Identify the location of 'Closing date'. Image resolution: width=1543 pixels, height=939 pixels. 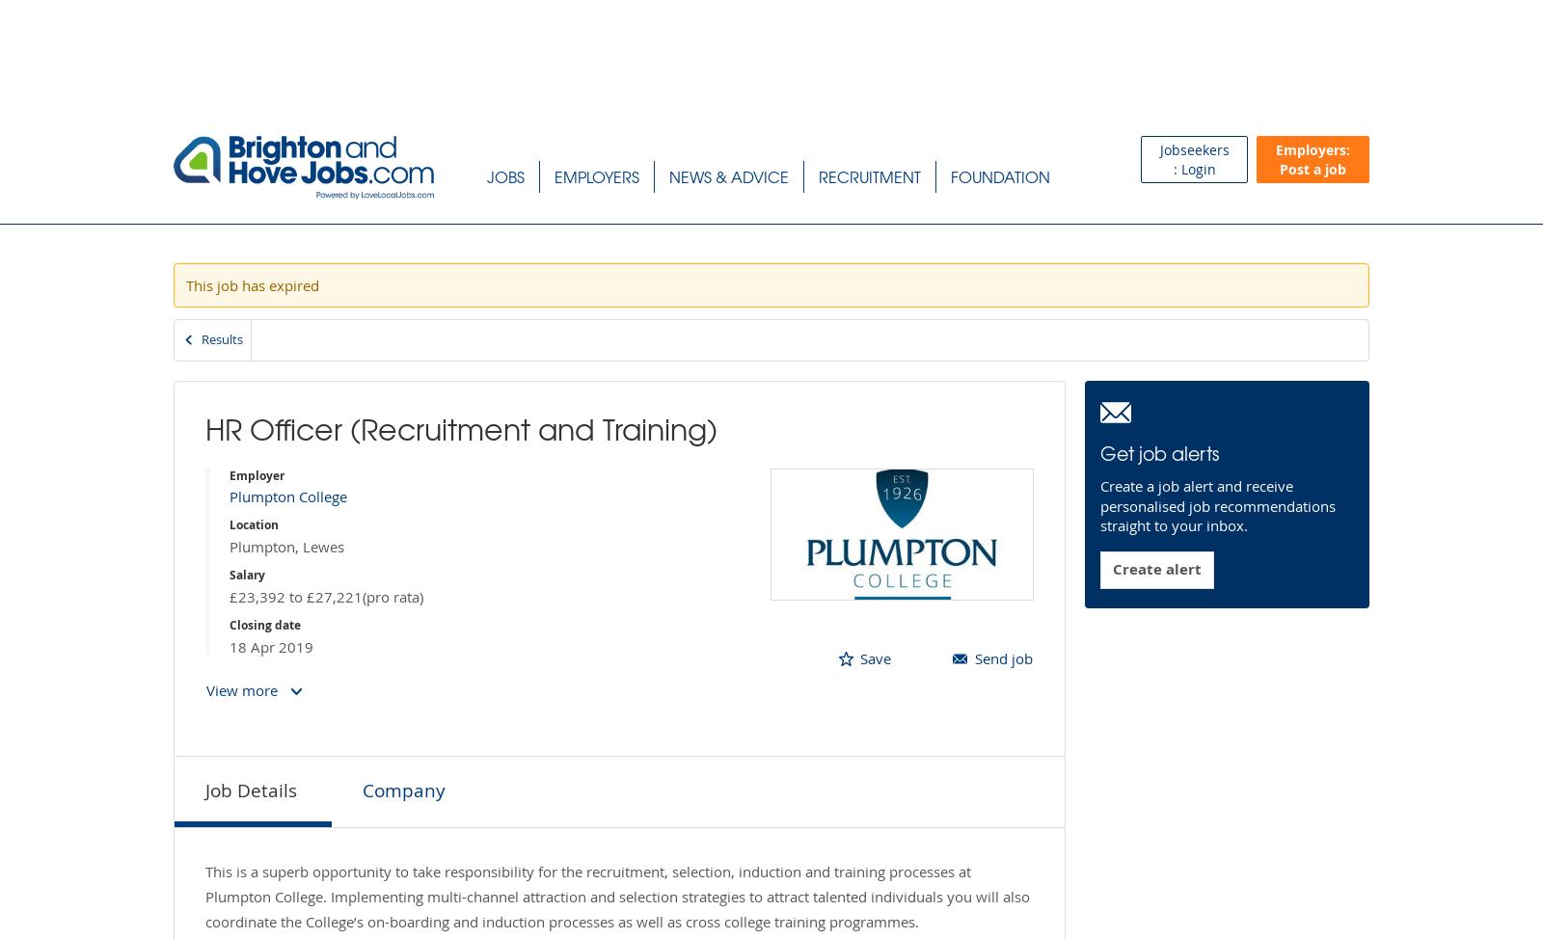
(265, 624).